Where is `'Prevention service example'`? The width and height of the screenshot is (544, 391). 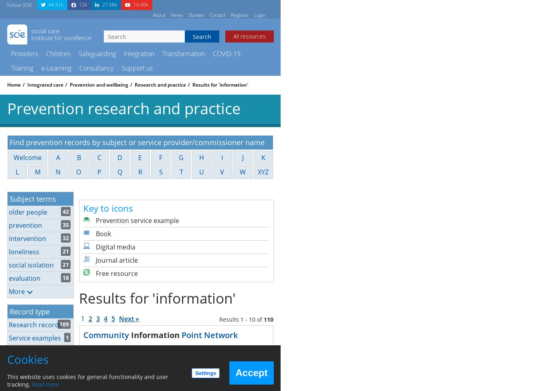
'Prevention service example' is located at coordinates (137, 220).